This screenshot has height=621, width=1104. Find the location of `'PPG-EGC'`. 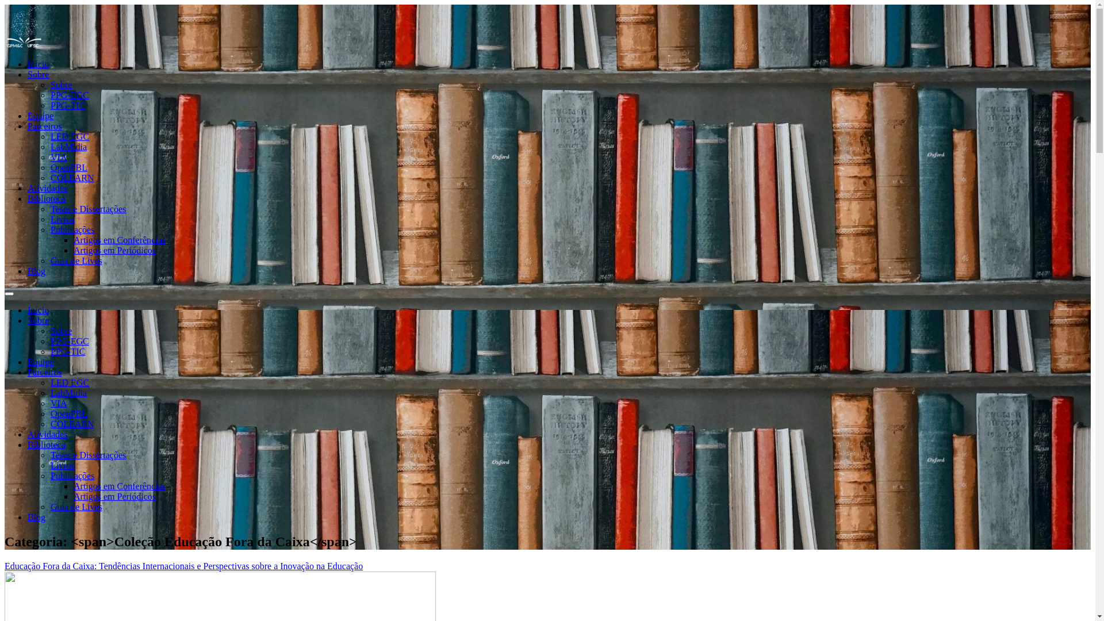

'PPG-EGC' is located at coordinates (69, 94).